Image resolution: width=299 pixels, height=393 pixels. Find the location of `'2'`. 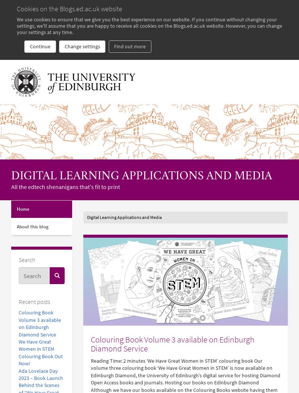

'2' is located at coordinates (124, 360).